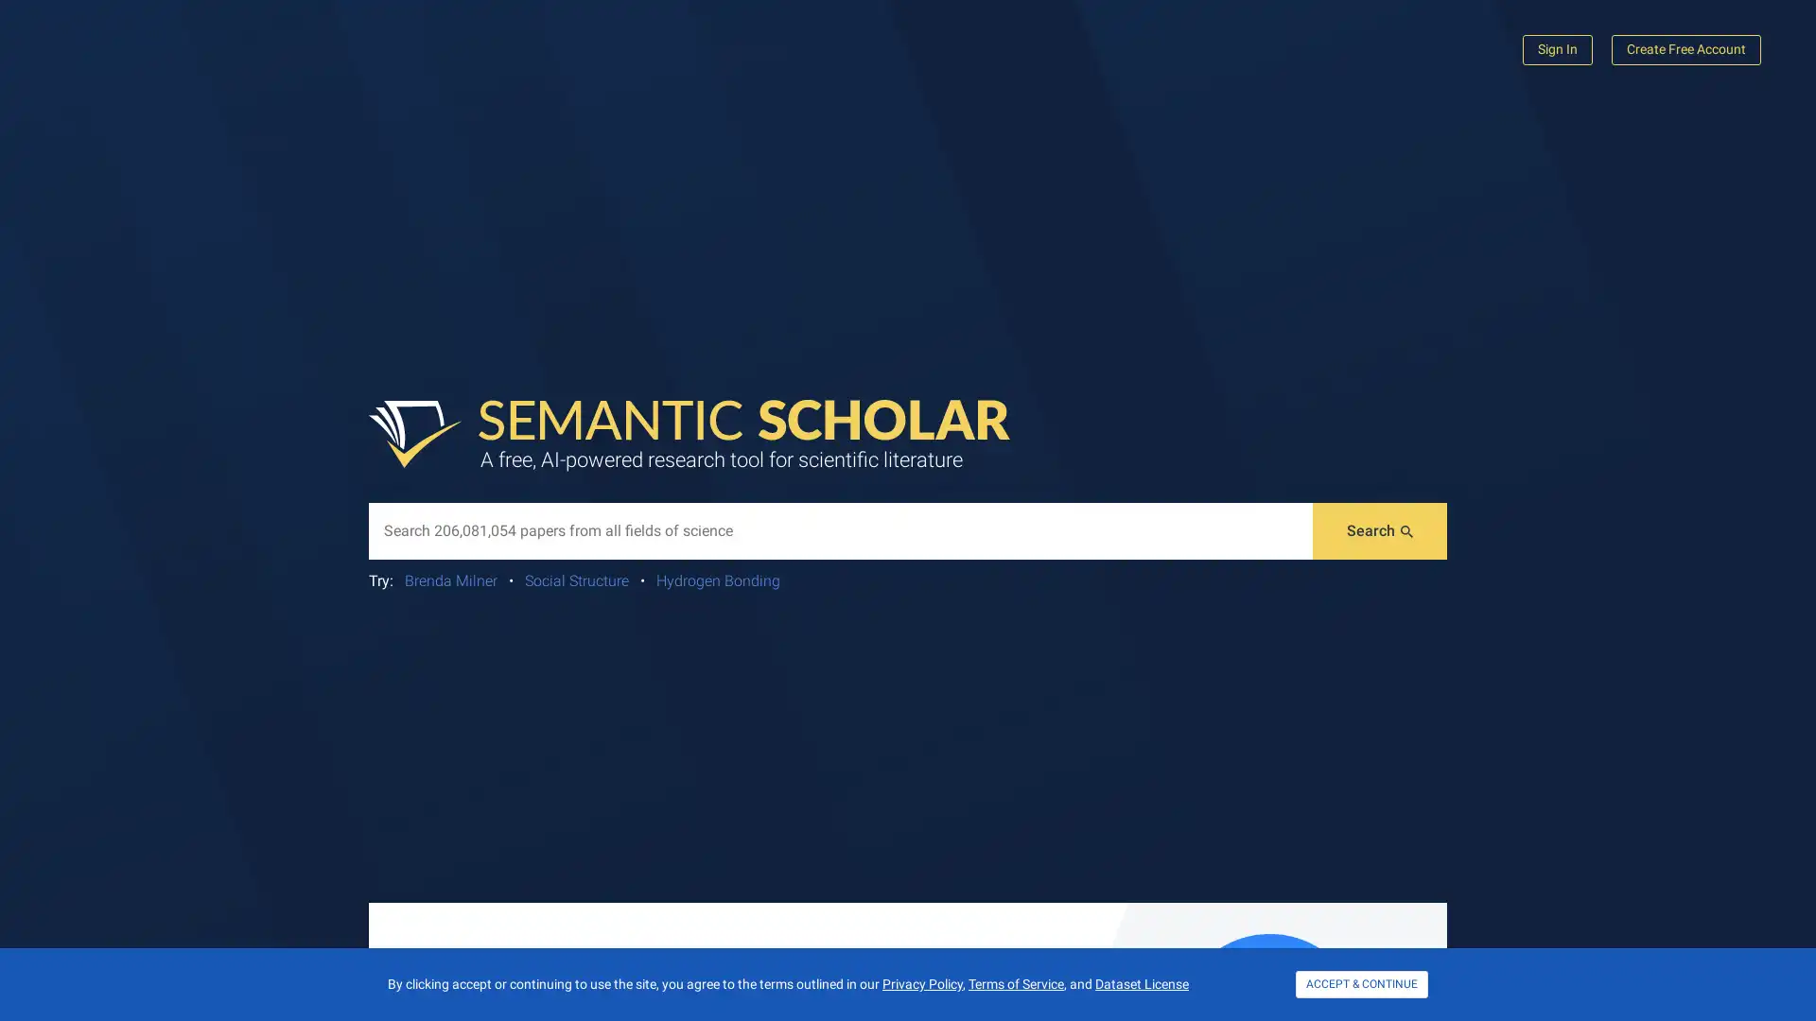 The width and height of the screenshot is (1816, 1021). Describe the element at coordinates (1685, 48) in the screenshot. I see `Create Free Account` at that location.